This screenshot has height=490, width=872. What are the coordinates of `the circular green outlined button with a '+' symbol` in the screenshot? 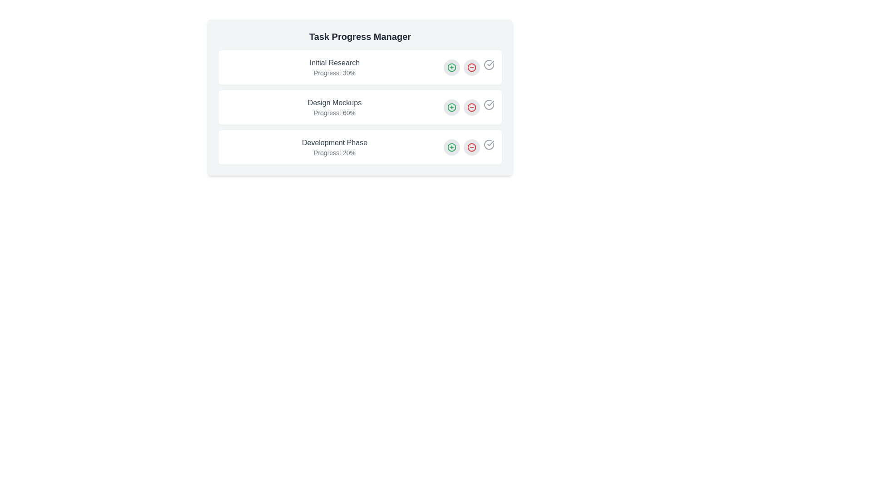 It's located at (451, 67).